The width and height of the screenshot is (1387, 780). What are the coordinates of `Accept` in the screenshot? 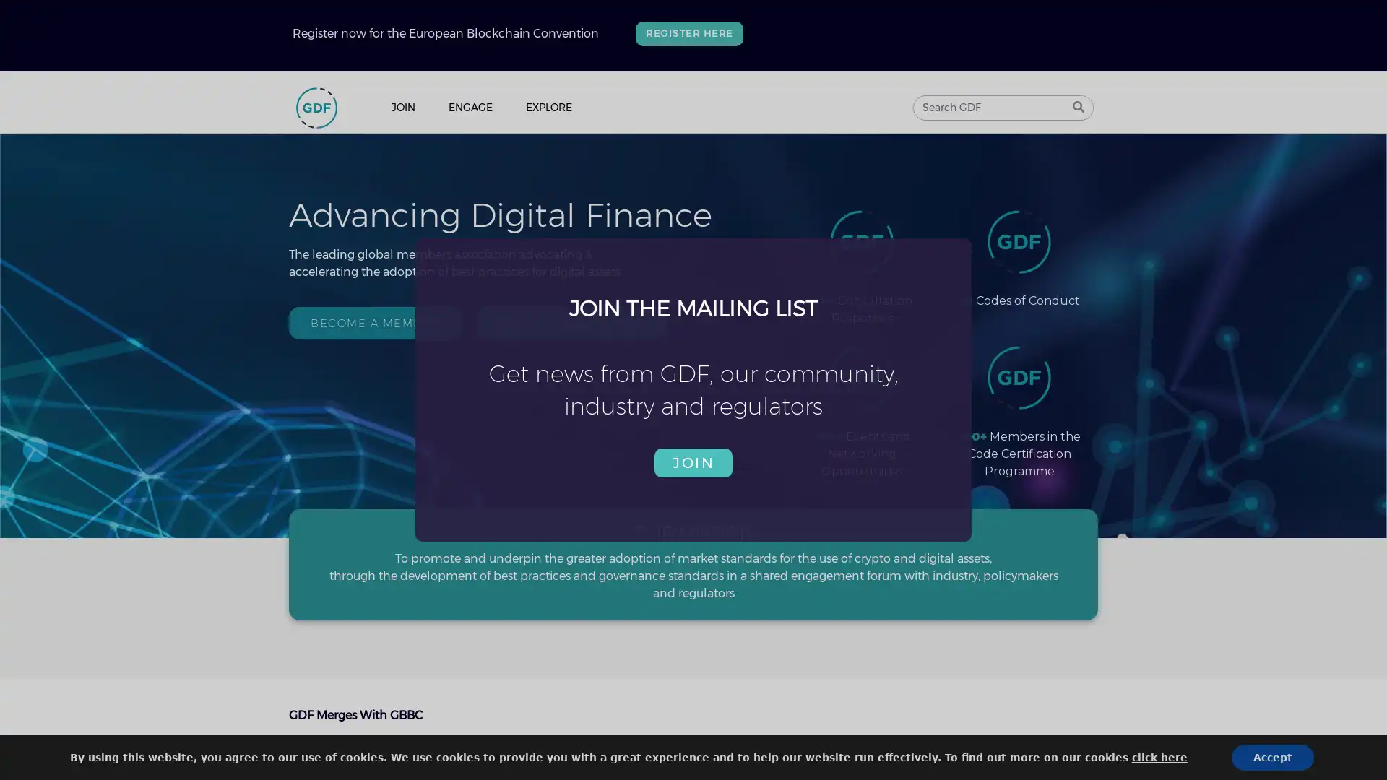 It's located at (1157, 757).